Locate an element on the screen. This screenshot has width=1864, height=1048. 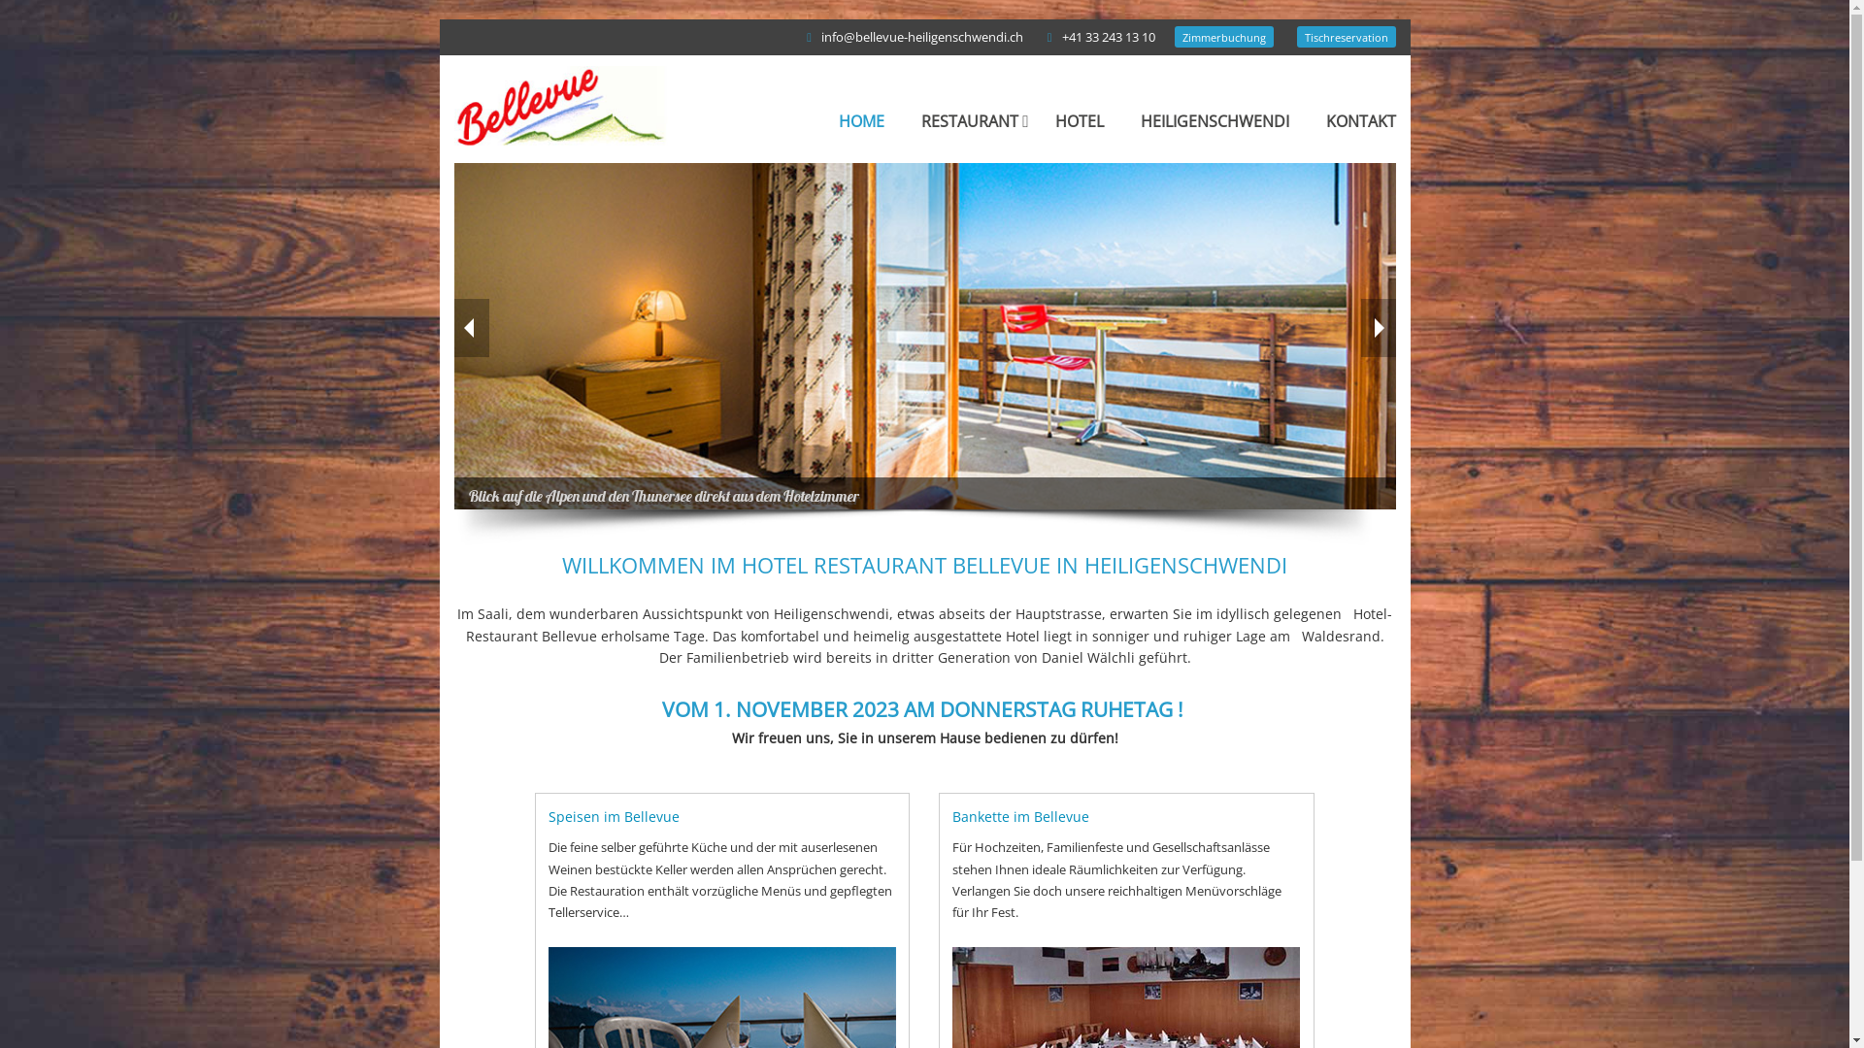
'Zimmerbuchung' is located at coordinates (1223, 37).